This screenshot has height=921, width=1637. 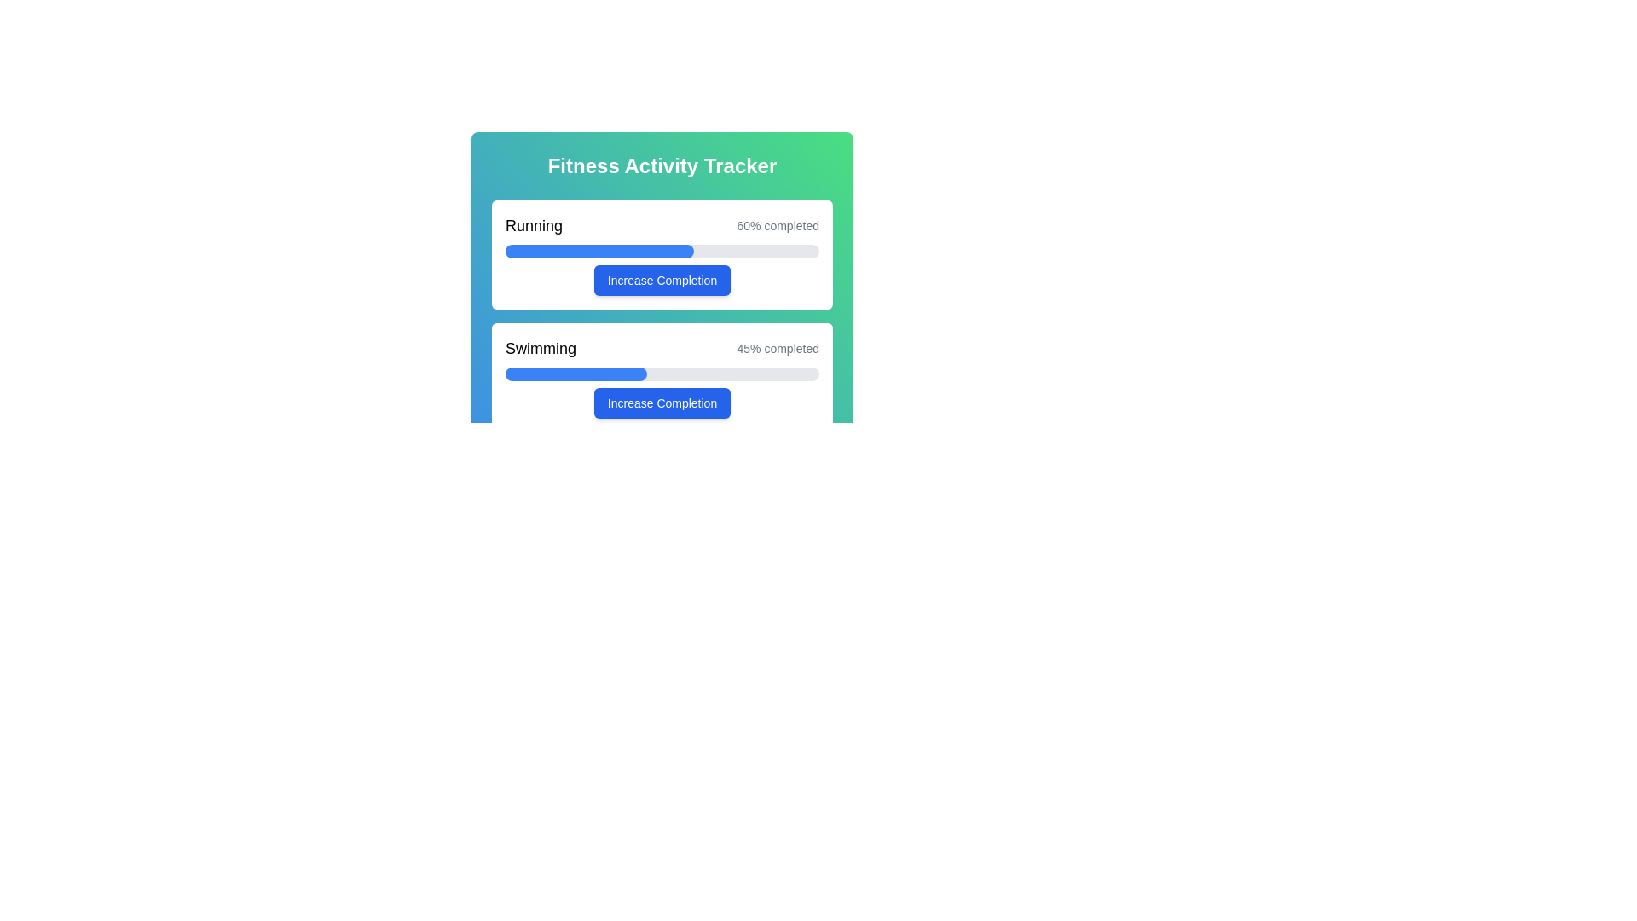 I want to click on the progress indicator, which is a rounded progress bar with a light gray background and a blue filled portion, located between the text 'Swimming 45% completed' and the 'Increase Completion' button, so click(x=662, y=374).